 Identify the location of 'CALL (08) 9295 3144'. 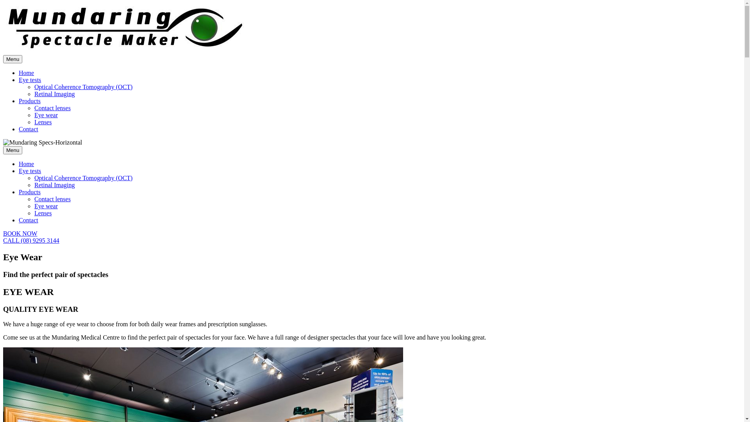
(3, 240).